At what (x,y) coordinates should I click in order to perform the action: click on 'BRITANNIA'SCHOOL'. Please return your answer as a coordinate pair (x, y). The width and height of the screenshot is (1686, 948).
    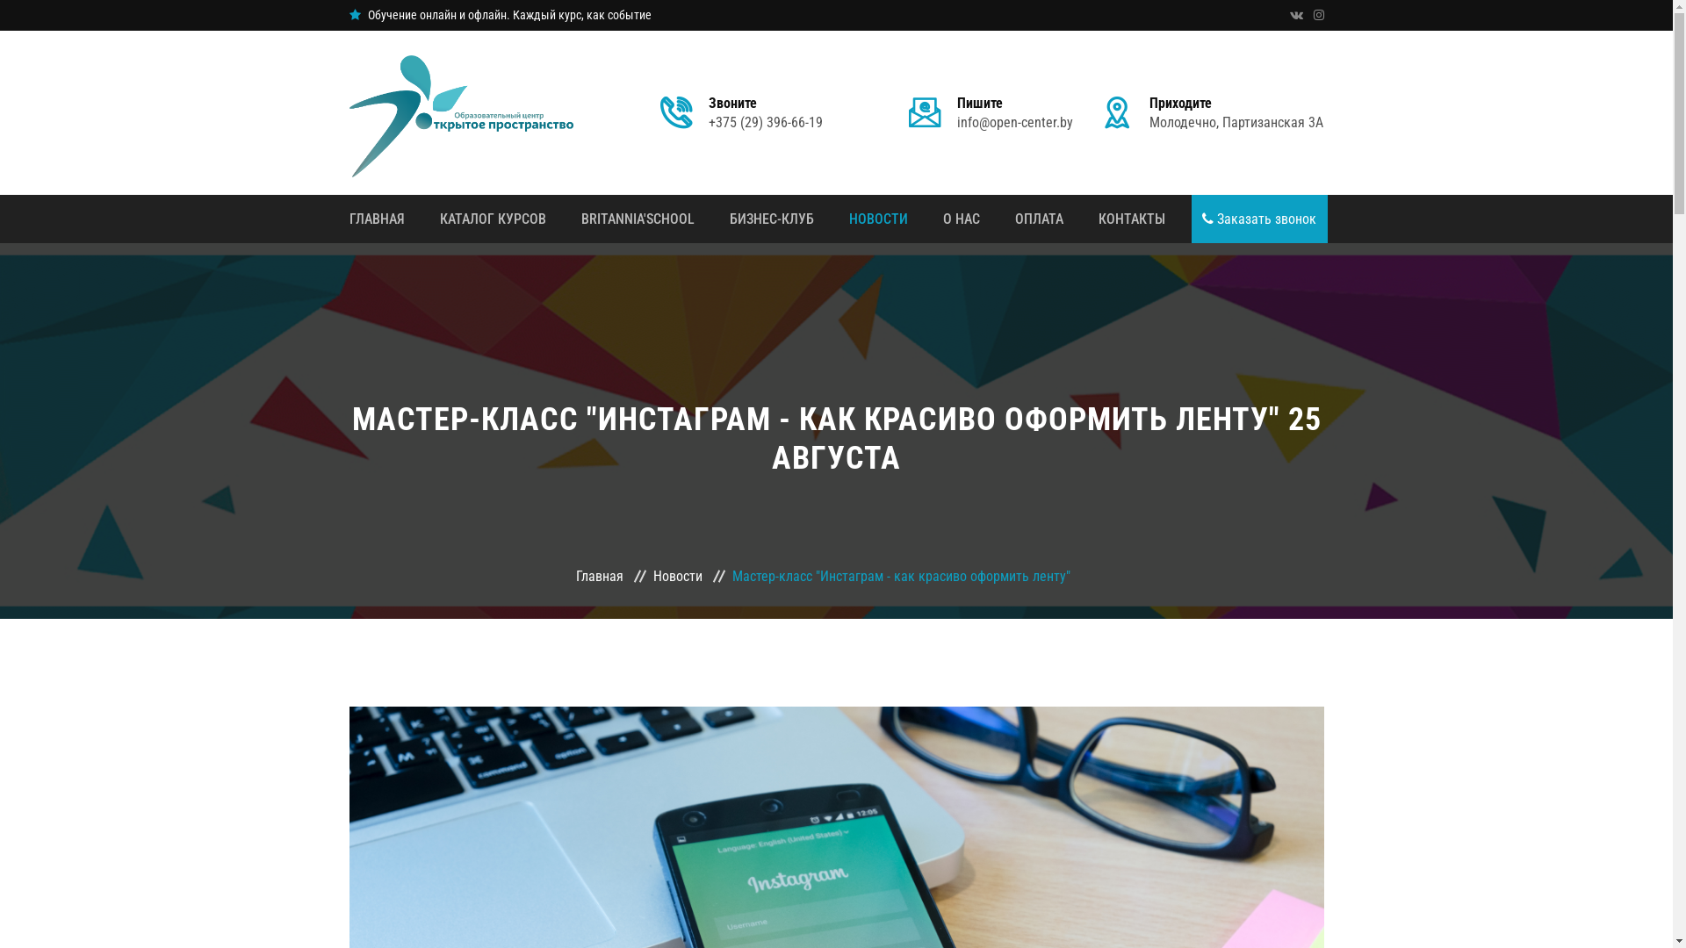
    Looking at the image, I should click on (637, 218).